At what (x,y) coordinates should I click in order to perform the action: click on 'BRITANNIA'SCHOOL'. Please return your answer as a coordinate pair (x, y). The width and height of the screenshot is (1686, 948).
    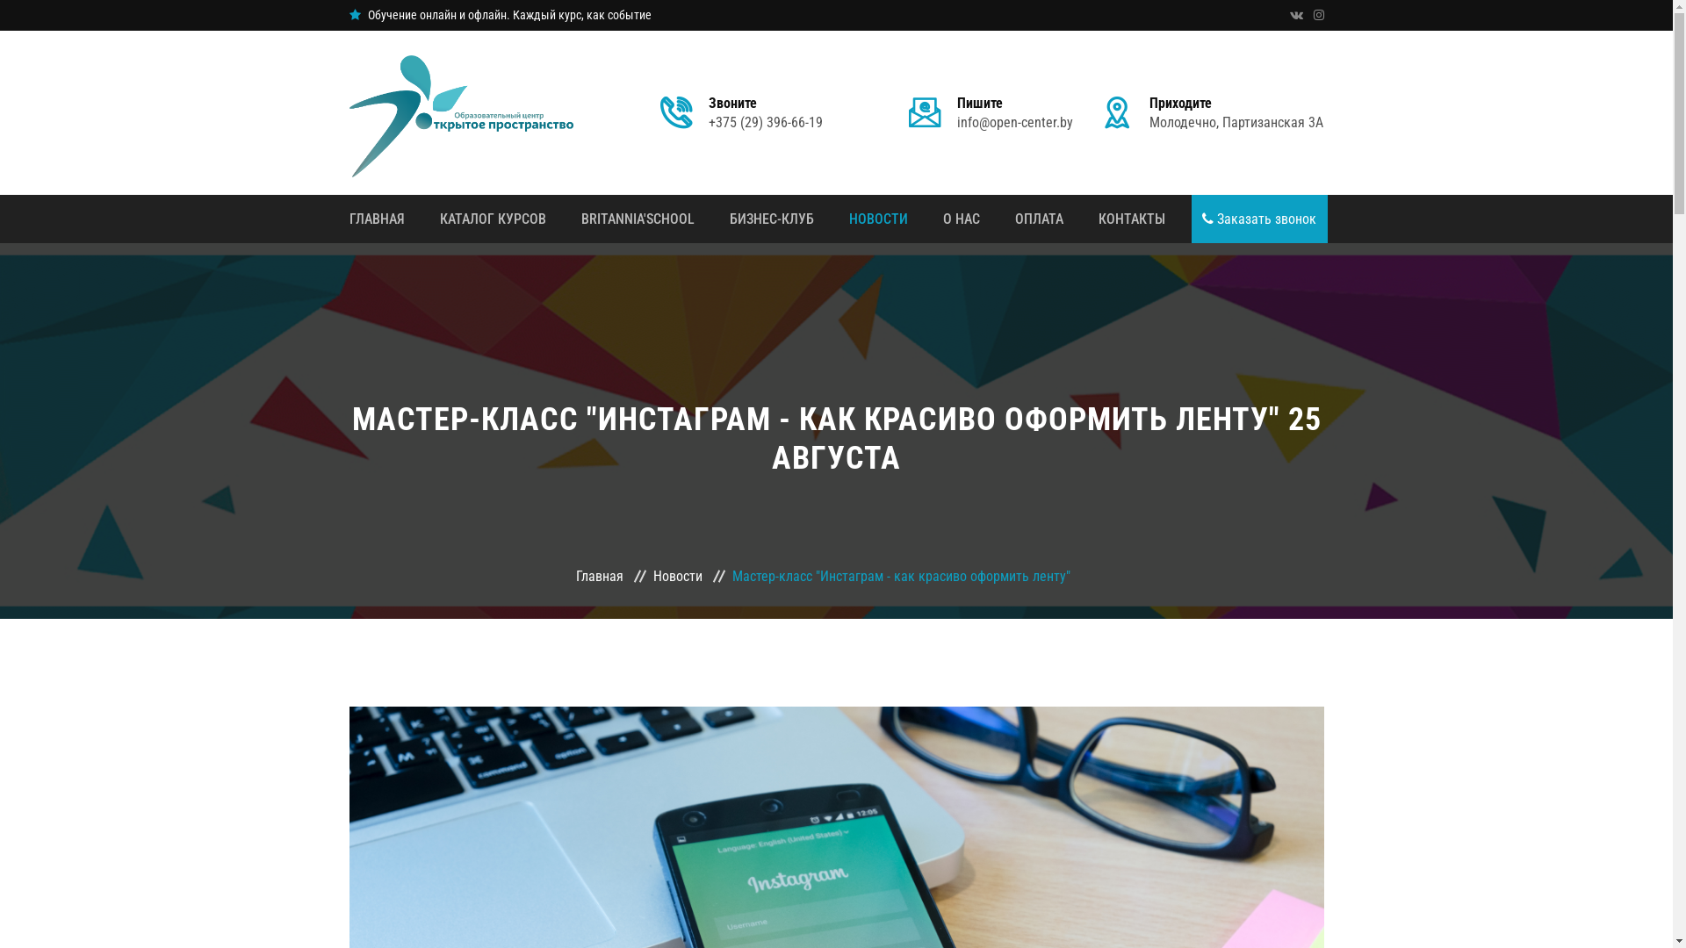
    Looking at the image, I should click on (637, 218).